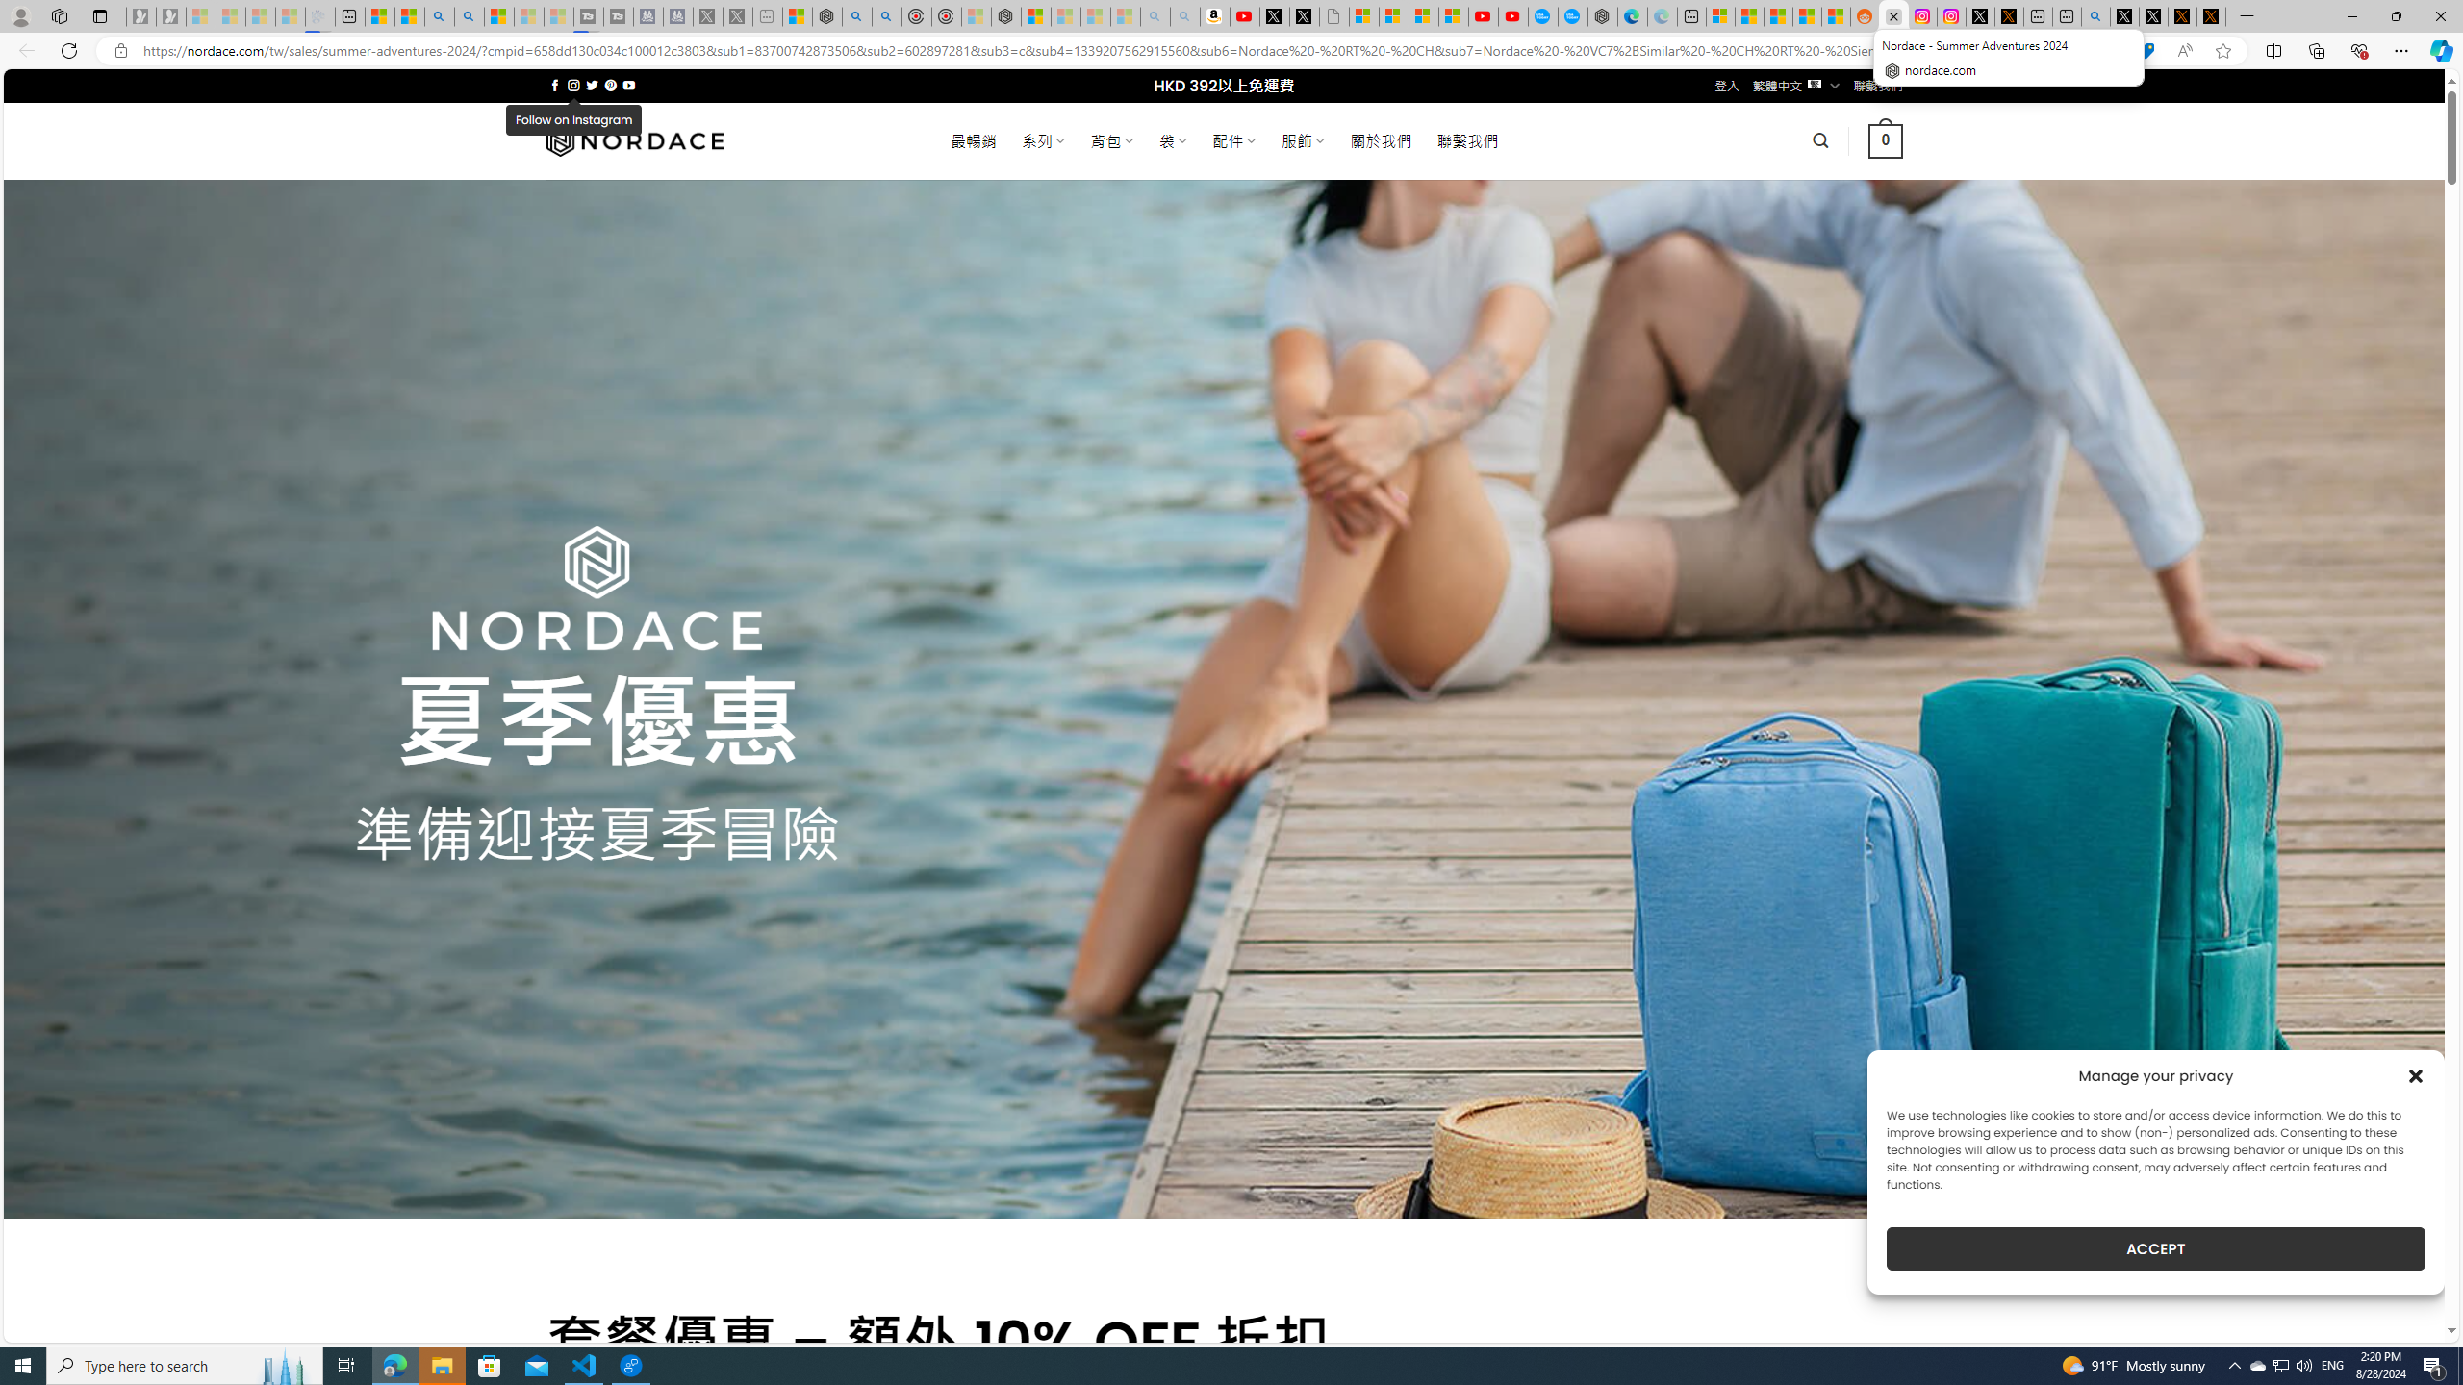  Describe the element at coordinates (1893, 15) in the screenshot. I see `'Nordace - Summer Adventures 2024'` at that location.